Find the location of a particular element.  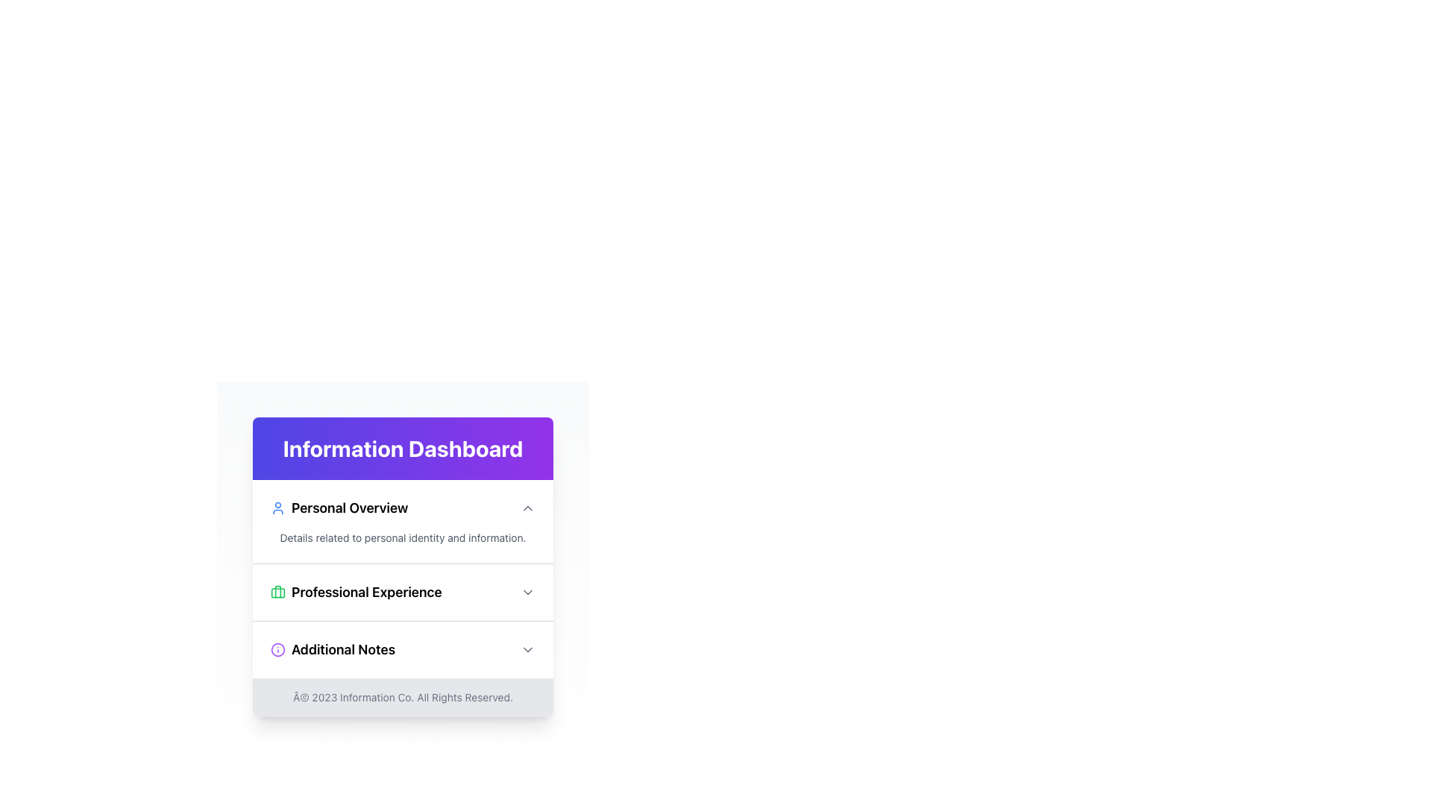

the 'Professional Experience' text label with a green briefcase icon, which is the second item in the vertical menu layout is located at coordinates (355, 591).